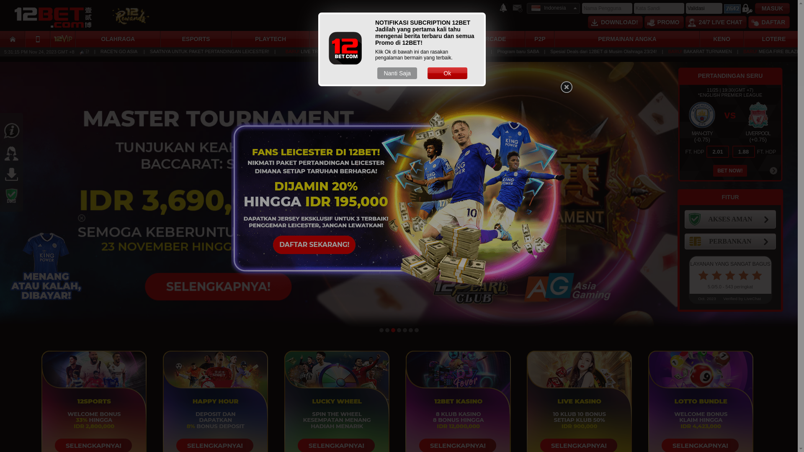 Image resolution: width=804 pixels, height=452 pixels. What do you see at coordinates (566, 87) in the screenshot?
I see `'Close'` at bounding box center [566, 87].